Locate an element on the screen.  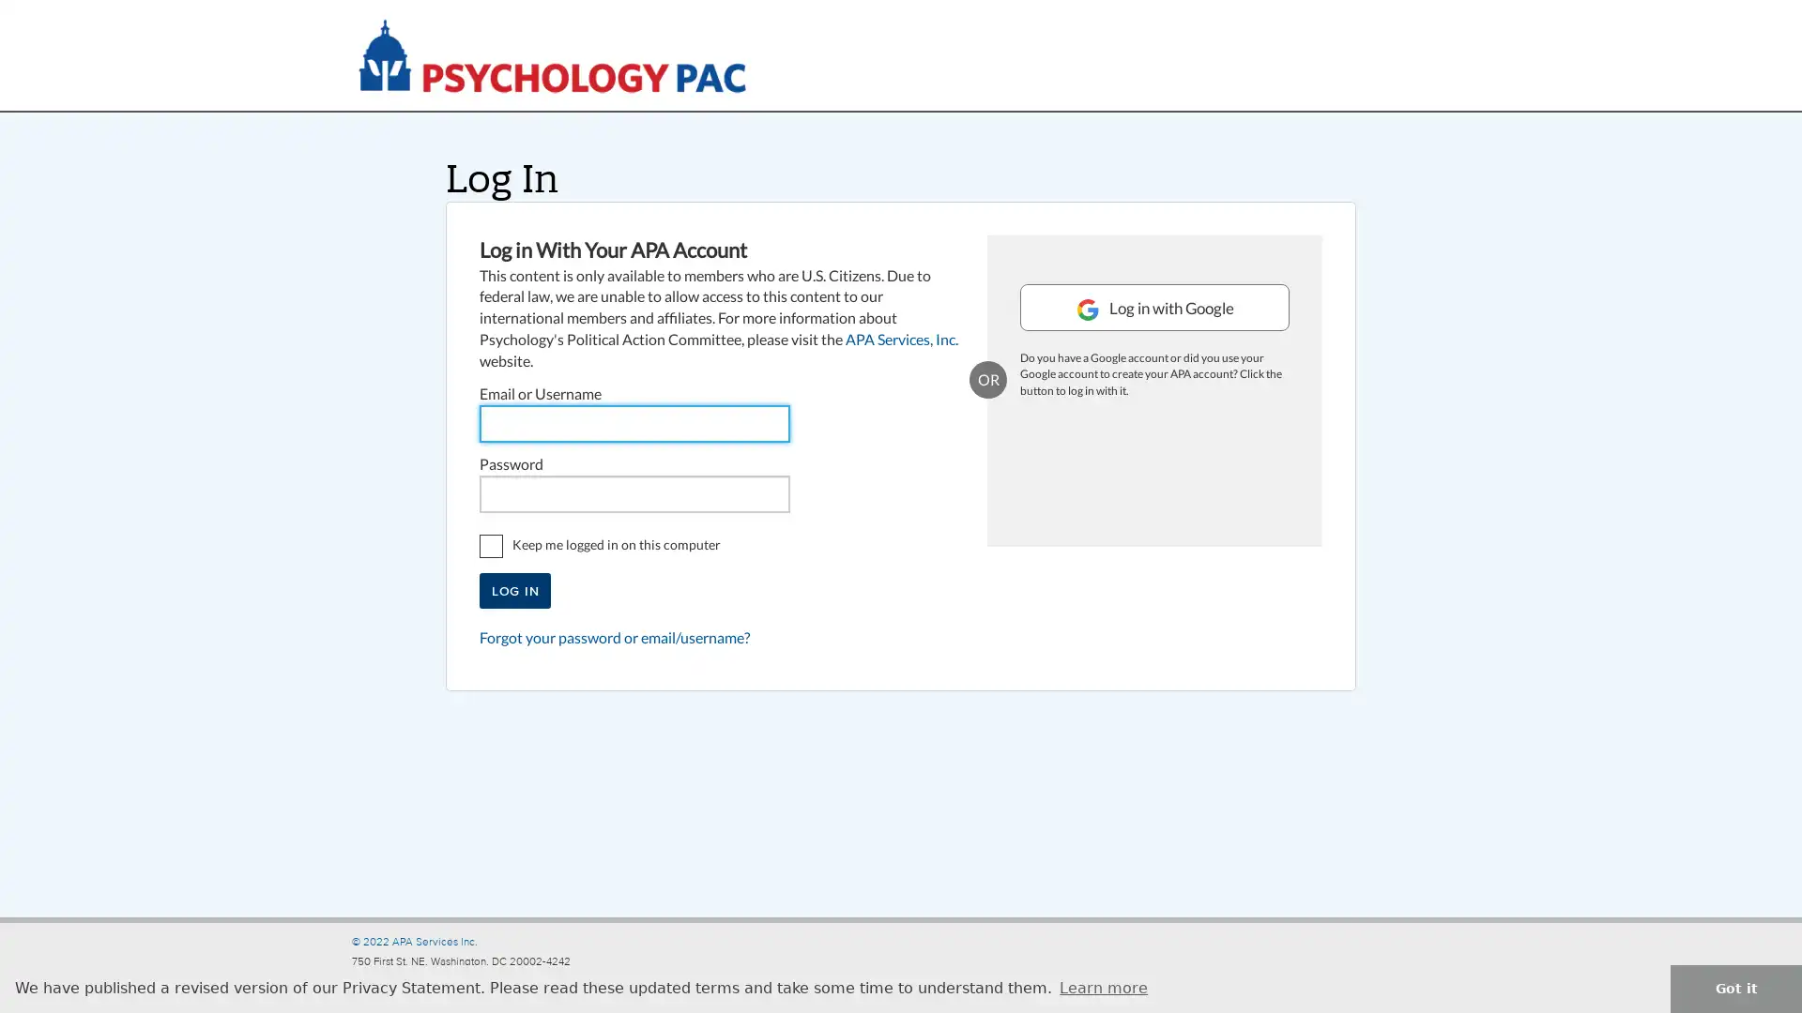
learn more about cookies is located at coordinates (1104, 987).